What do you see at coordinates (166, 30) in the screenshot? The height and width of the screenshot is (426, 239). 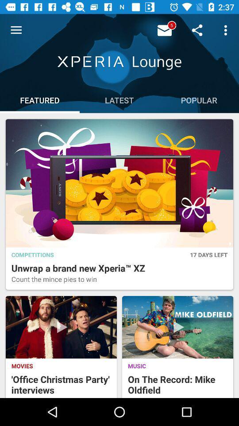 I see `share button click the beside inbox icon` at bounding box center [166, 30].